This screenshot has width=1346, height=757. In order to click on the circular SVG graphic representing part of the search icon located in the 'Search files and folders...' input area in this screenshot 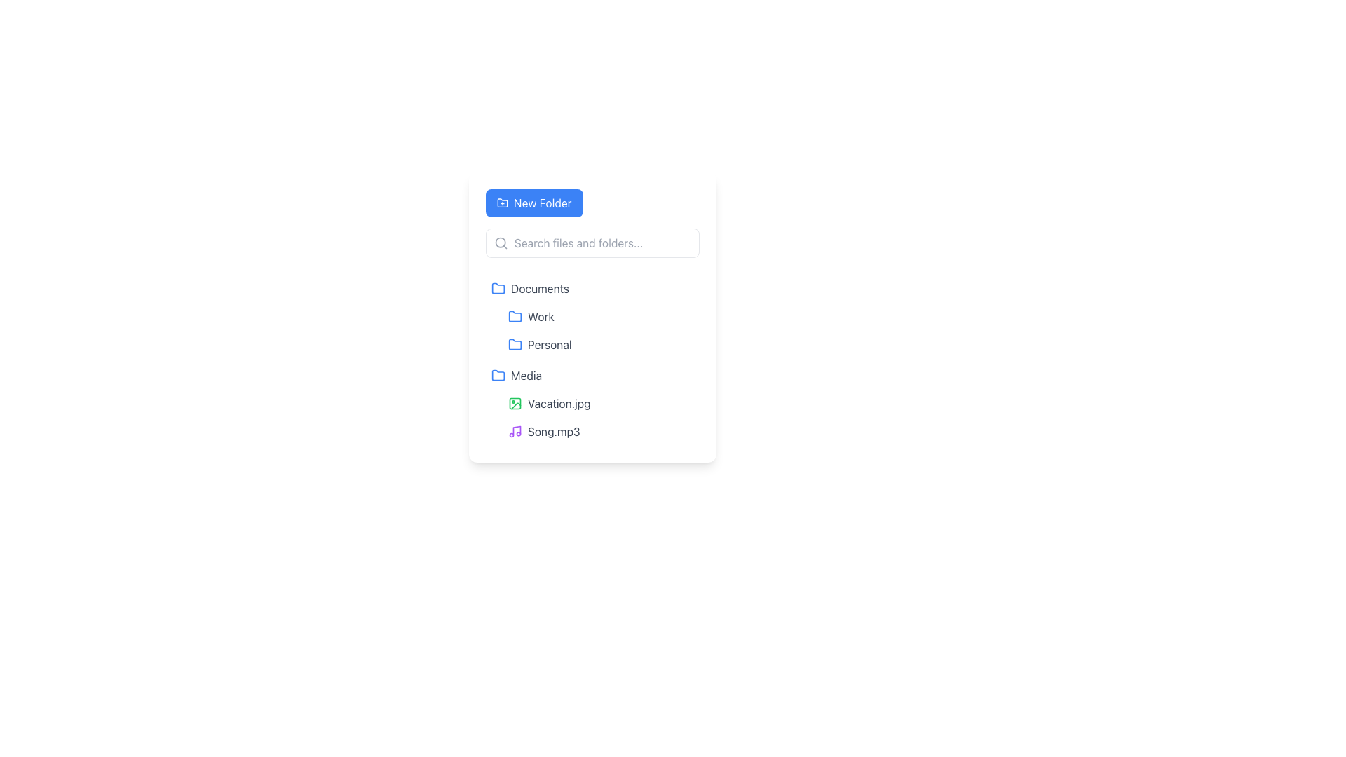, I will do `click(501, 242)`.